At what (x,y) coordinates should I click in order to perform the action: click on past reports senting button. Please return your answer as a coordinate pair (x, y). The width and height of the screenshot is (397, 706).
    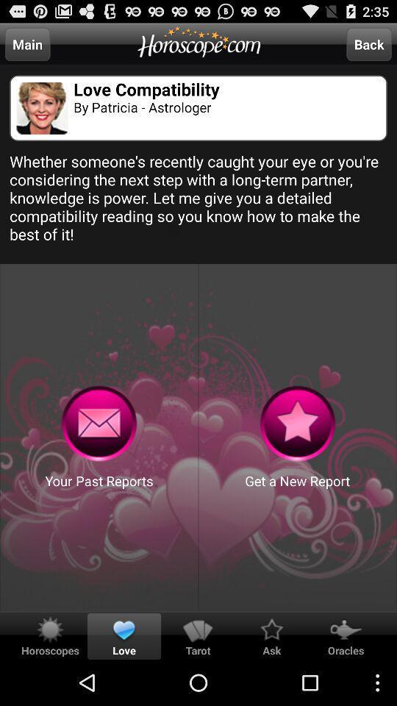
    Looking at the image, I should click on (99, 424).